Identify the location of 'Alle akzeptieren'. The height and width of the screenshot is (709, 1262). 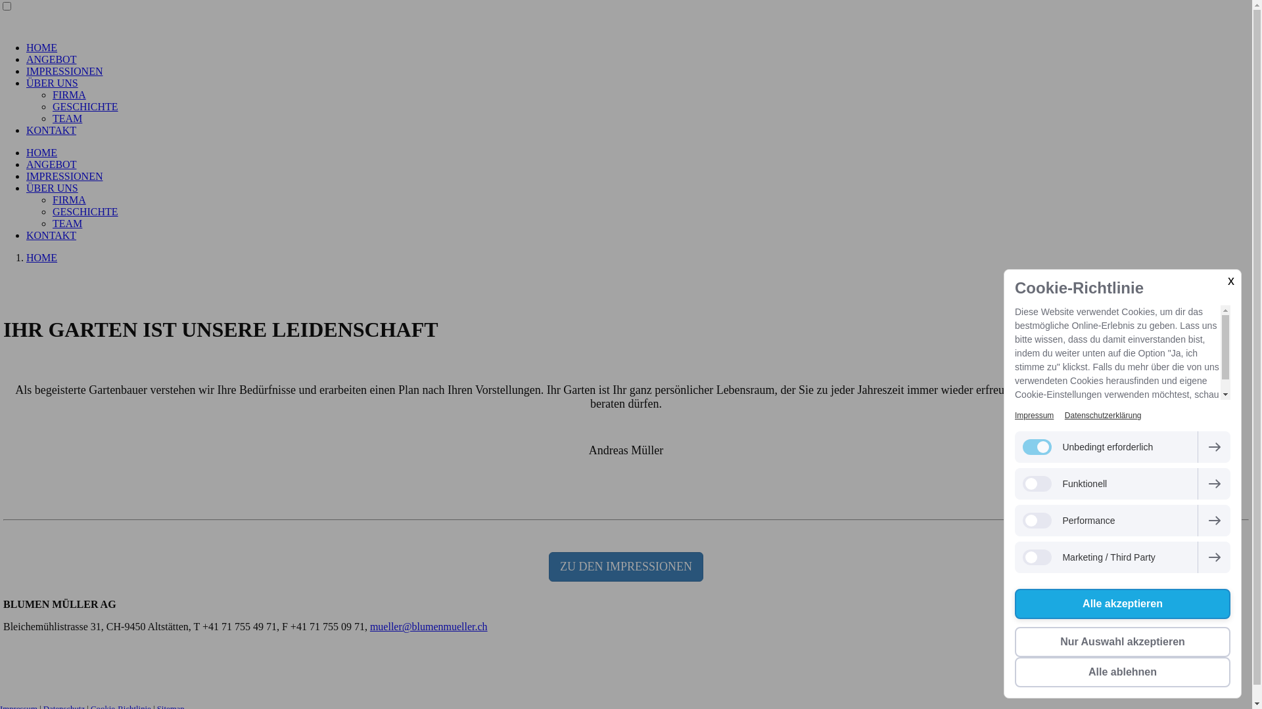
(1122, 604).